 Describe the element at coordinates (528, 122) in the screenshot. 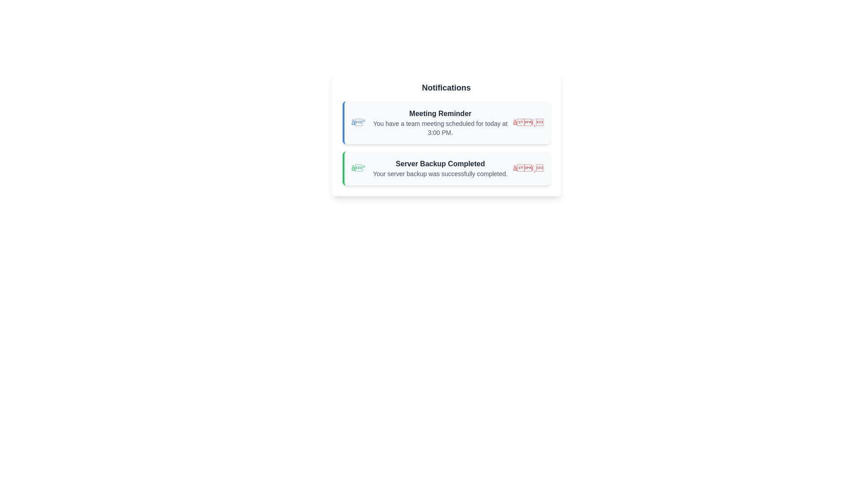

I see `the close button located at the far-right of the 'Meeting Reminder' notification` at that location.